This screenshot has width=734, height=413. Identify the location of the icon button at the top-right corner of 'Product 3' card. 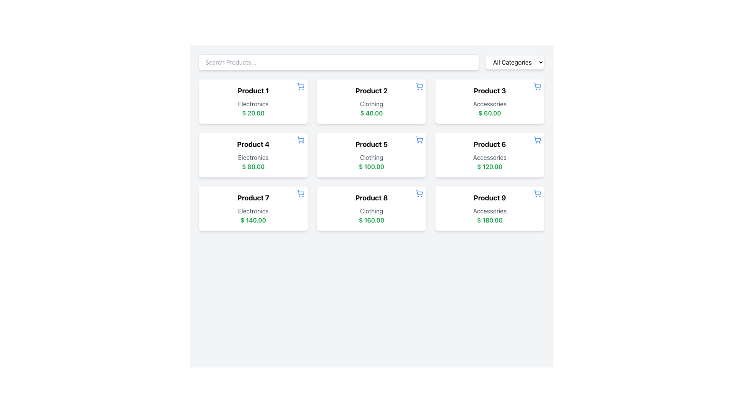
(537, 86).